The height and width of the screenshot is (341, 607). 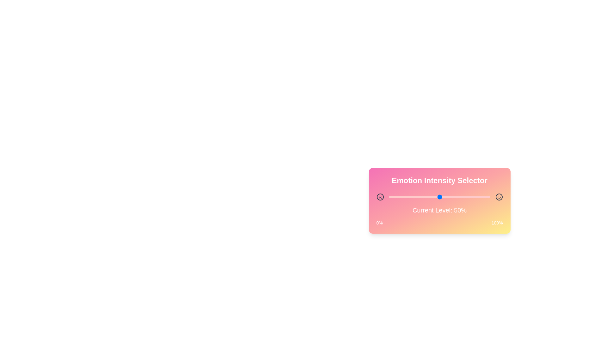 I want to click on the emotion level to 93% by interacting with the slider, so click(x=483, y=197).